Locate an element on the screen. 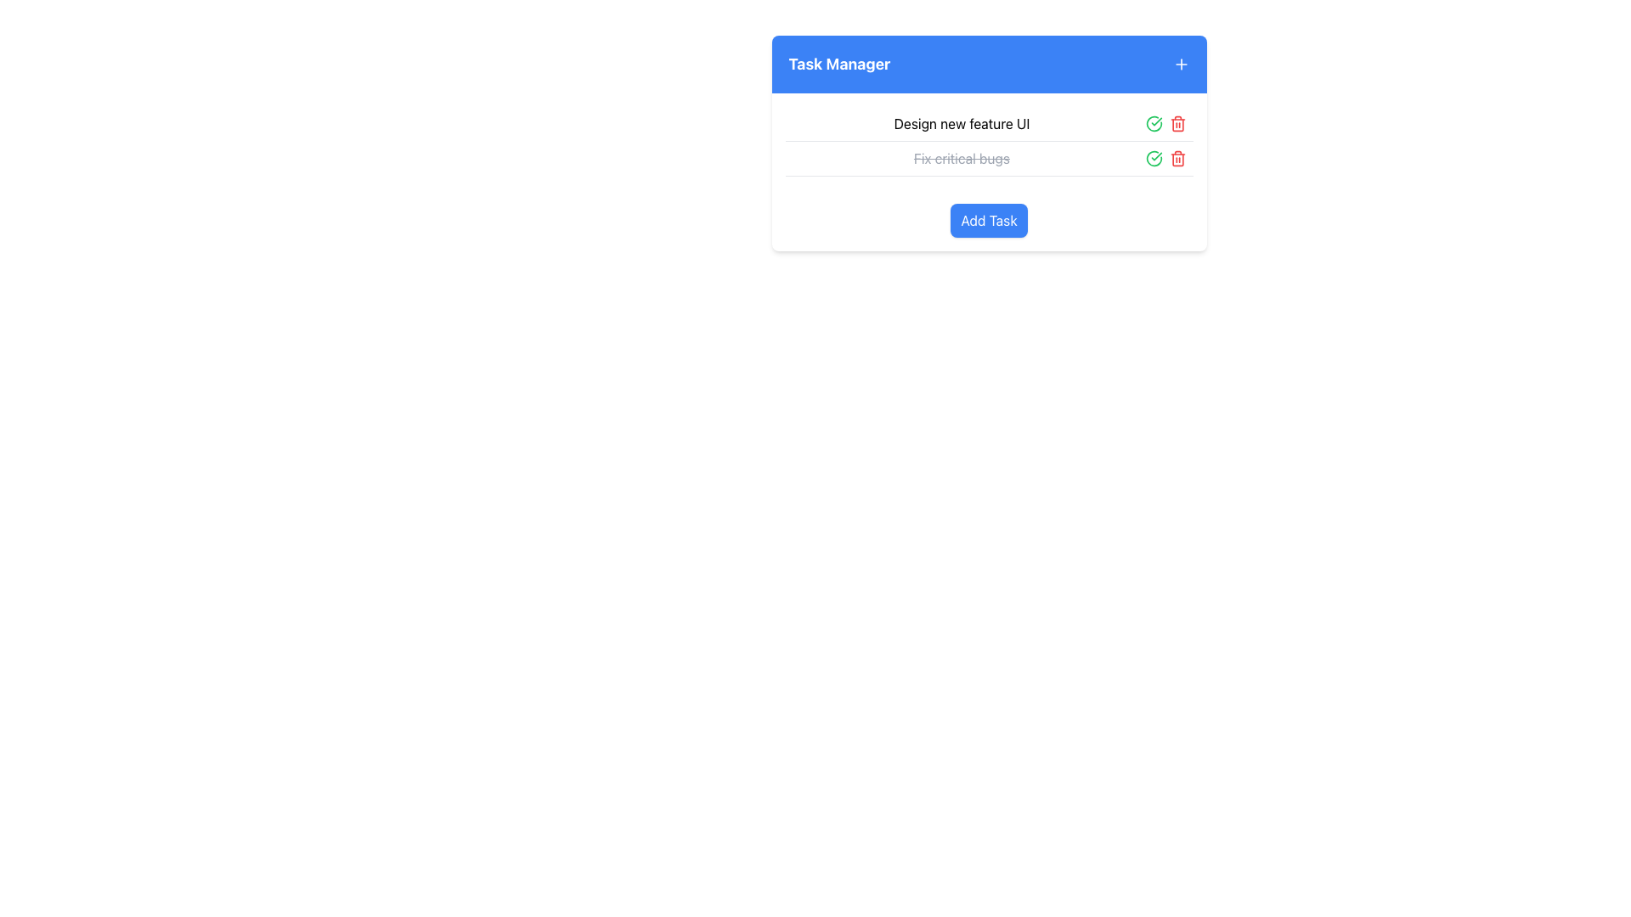  the first Task Item Row in the task management interface is located at coordinates (989, 123).